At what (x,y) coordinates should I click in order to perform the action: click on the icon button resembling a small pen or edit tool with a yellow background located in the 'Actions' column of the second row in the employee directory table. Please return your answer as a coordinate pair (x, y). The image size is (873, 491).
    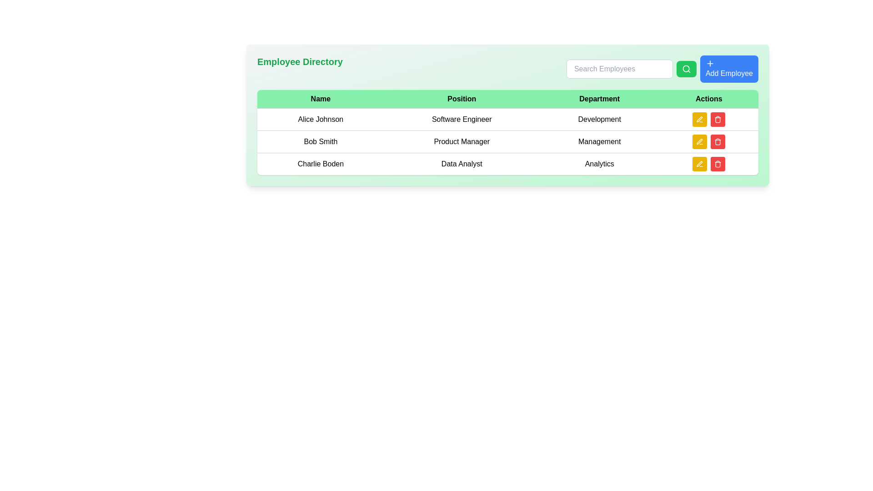
    Looking at the image, I should click on (699, 119).